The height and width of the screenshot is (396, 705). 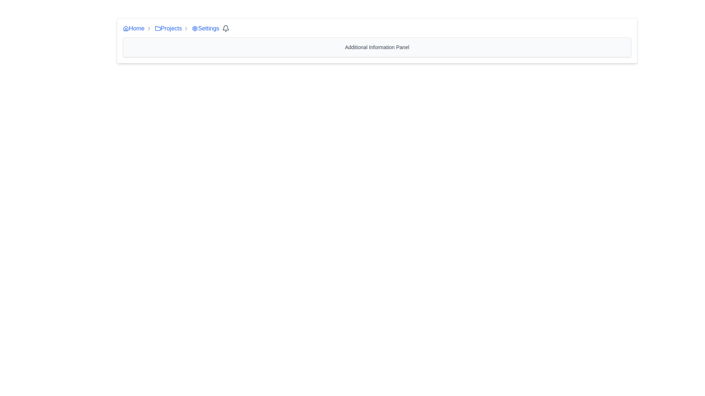 What do you see at coordinates (148, 28) in the screenshot?
I see `the Chevron icon that serves as a separator in the breadcrumb navigation, located to the right of the 'Home' link` at bounding box center [148, 28].